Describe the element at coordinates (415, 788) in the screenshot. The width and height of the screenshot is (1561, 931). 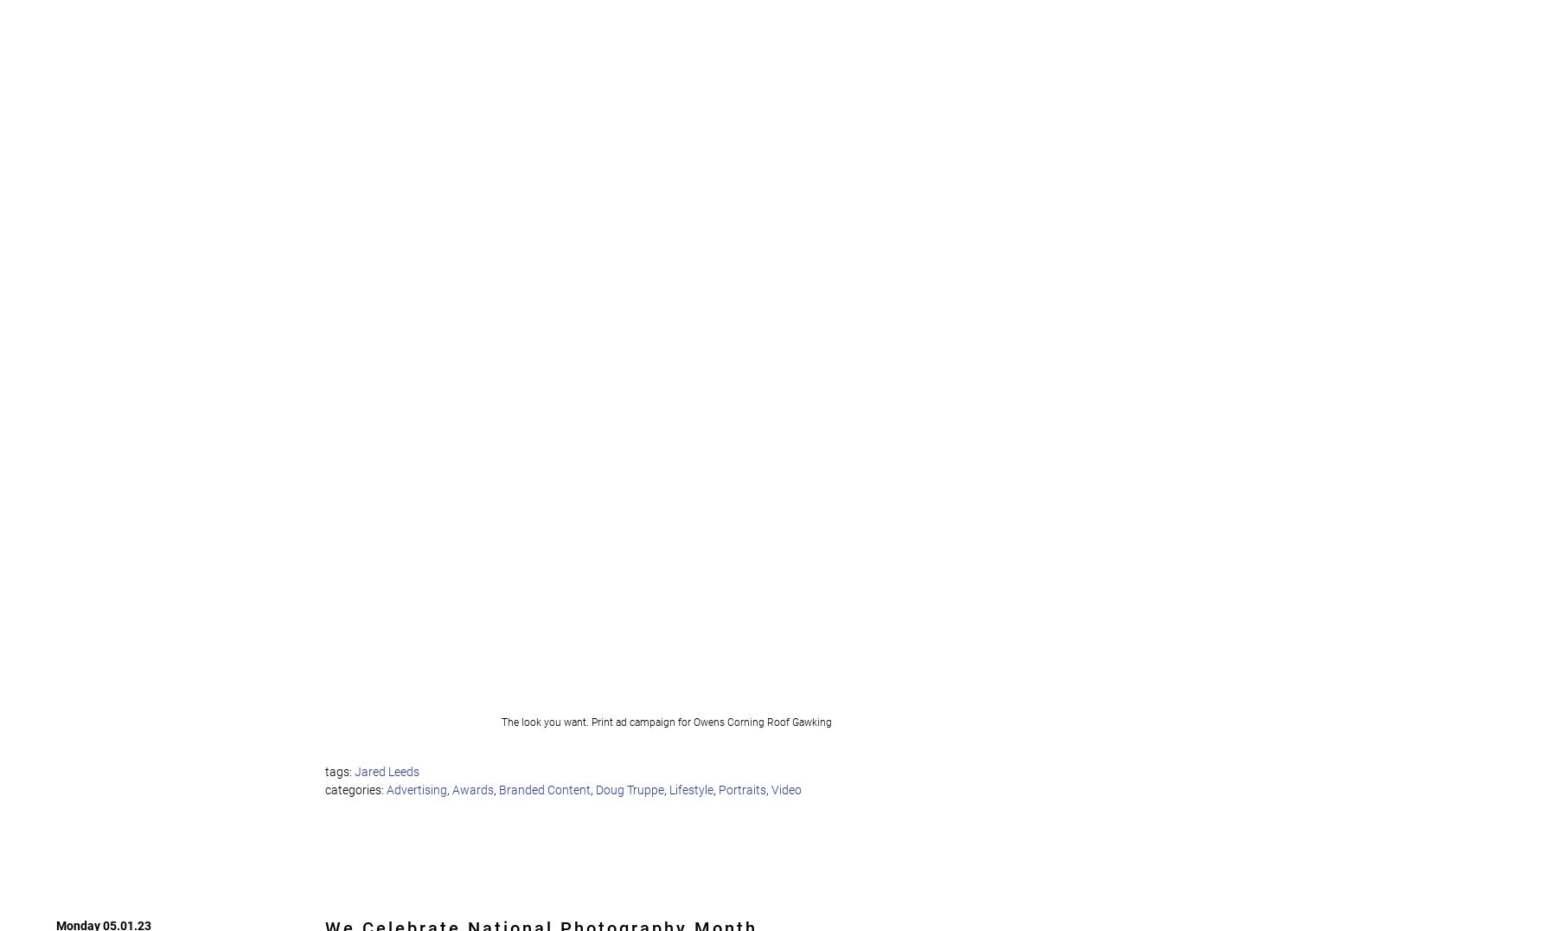
I see `'Advertising'` at that location.